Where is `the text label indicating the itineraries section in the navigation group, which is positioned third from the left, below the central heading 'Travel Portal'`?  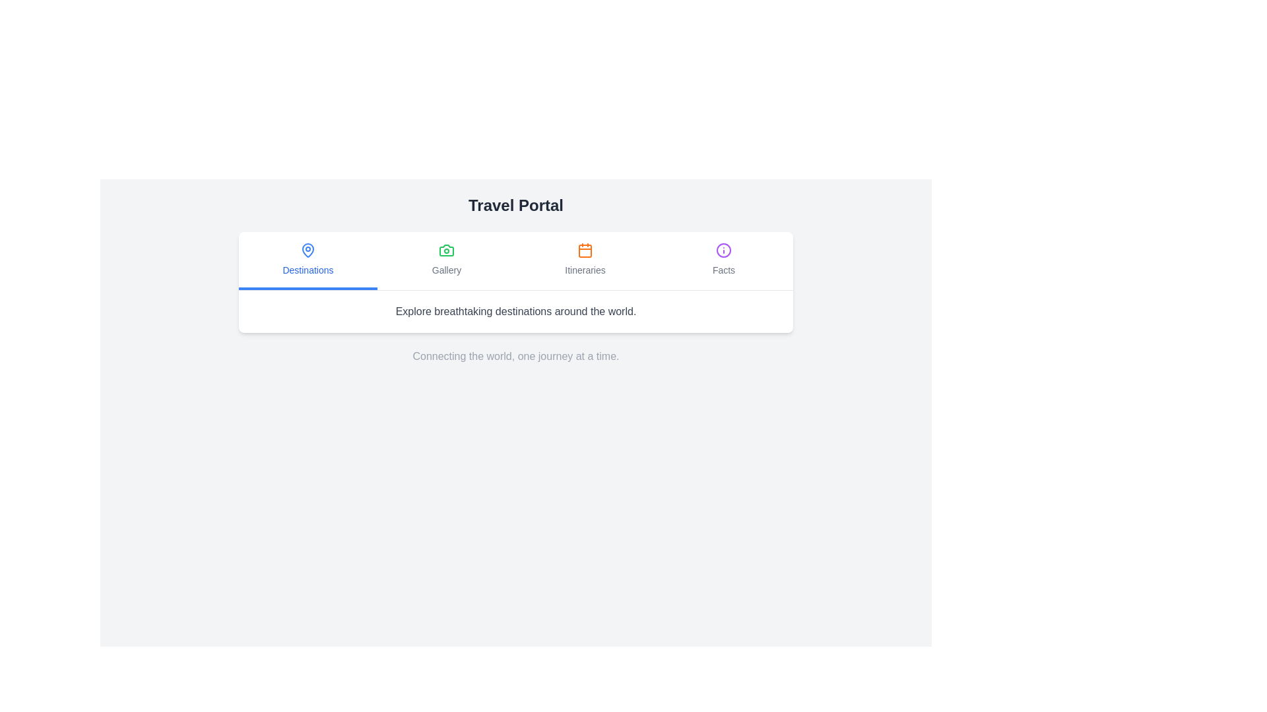 the text label indicating the itineraries section in the navigation group, which is positioned third from the left, below the central heading 'Travel Portal' is located at coordinates (585, 269).